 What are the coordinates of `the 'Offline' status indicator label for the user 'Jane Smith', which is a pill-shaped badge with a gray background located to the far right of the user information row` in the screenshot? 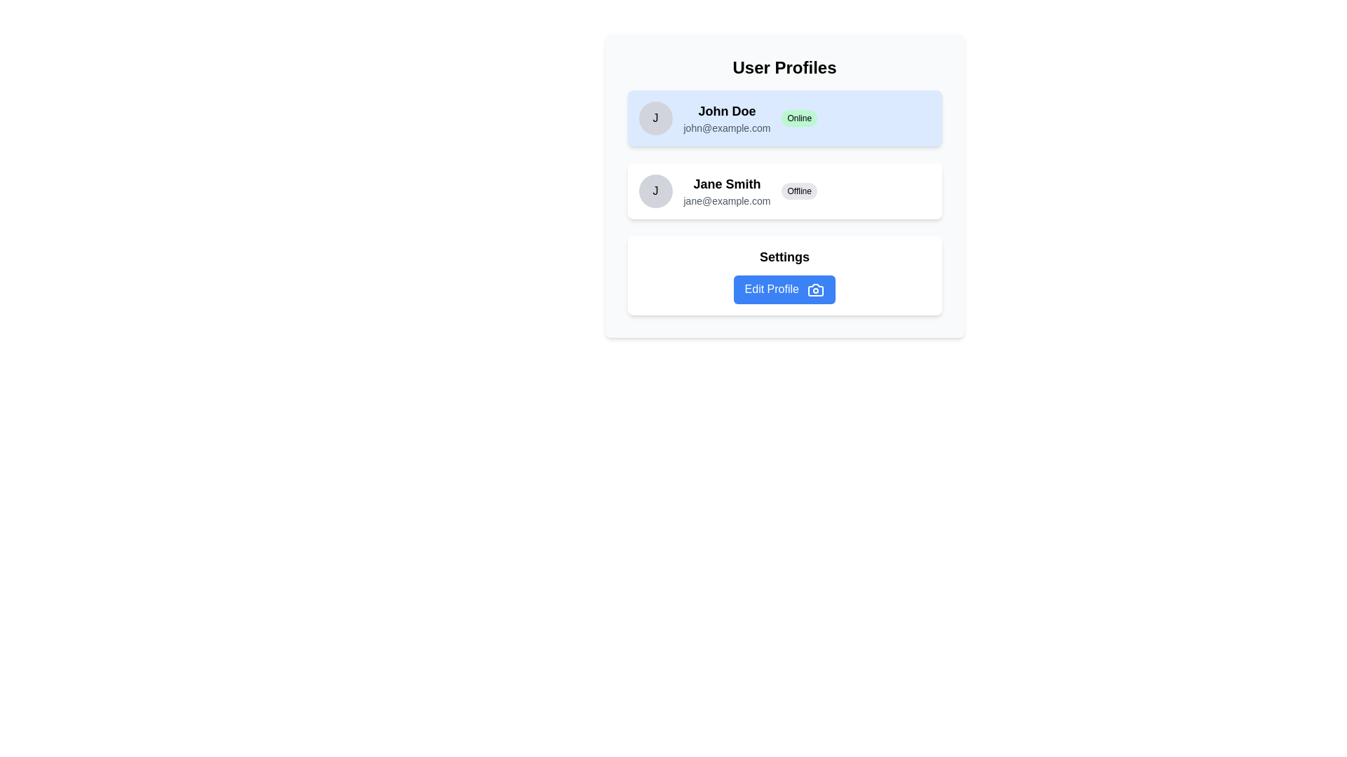 It's located at (799, 191).